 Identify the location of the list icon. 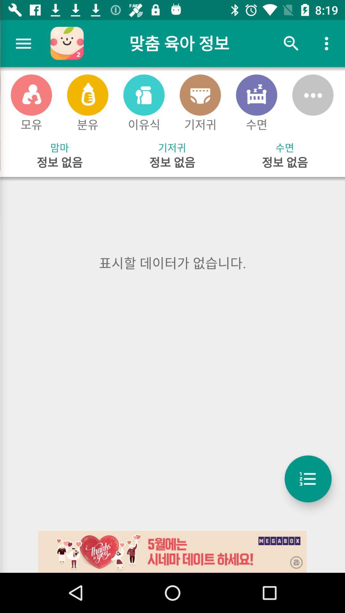
(308, 479).